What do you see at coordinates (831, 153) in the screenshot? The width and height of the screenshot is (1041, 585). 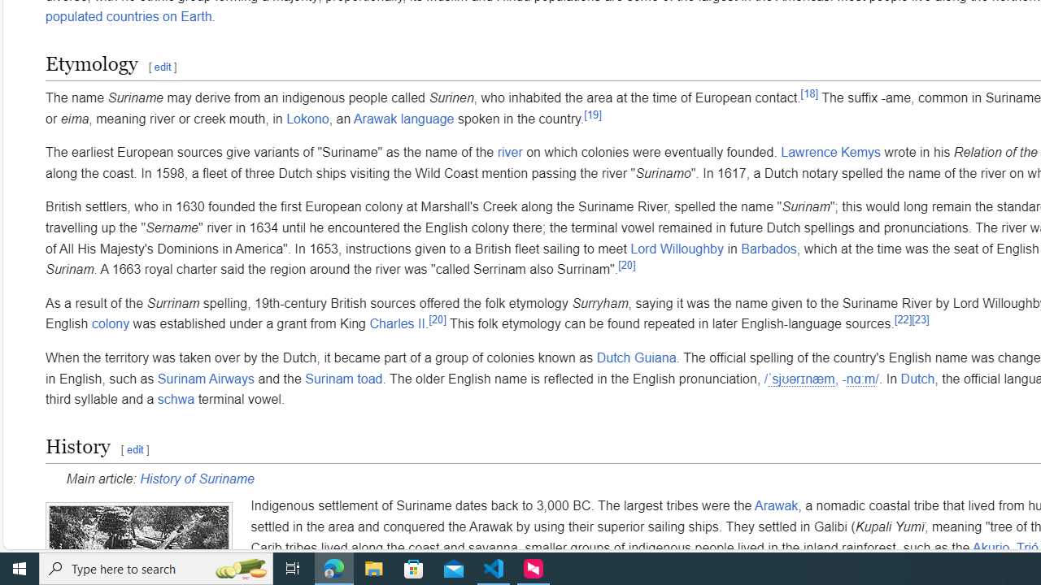 I see `'Lawrence Kemys'` at bounding box center [831, 153].